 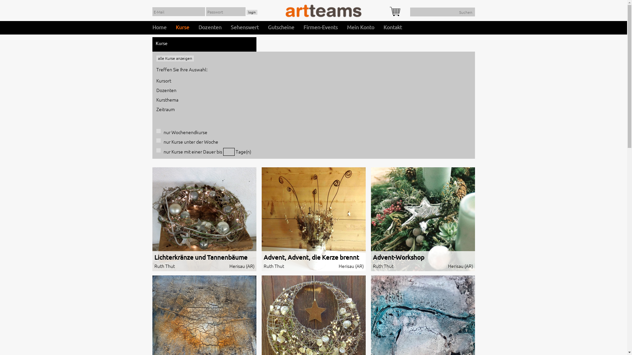 What do you see at coordinates (281, 27) in the screenshot?
I see `'Gutscheine'` at bounding box center [281, 27].